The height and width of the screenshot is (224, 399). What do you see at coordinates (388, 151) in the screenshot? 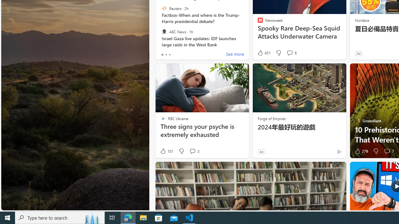
I see `'View comments 7 Comment'` at bounding box center [388, 151].